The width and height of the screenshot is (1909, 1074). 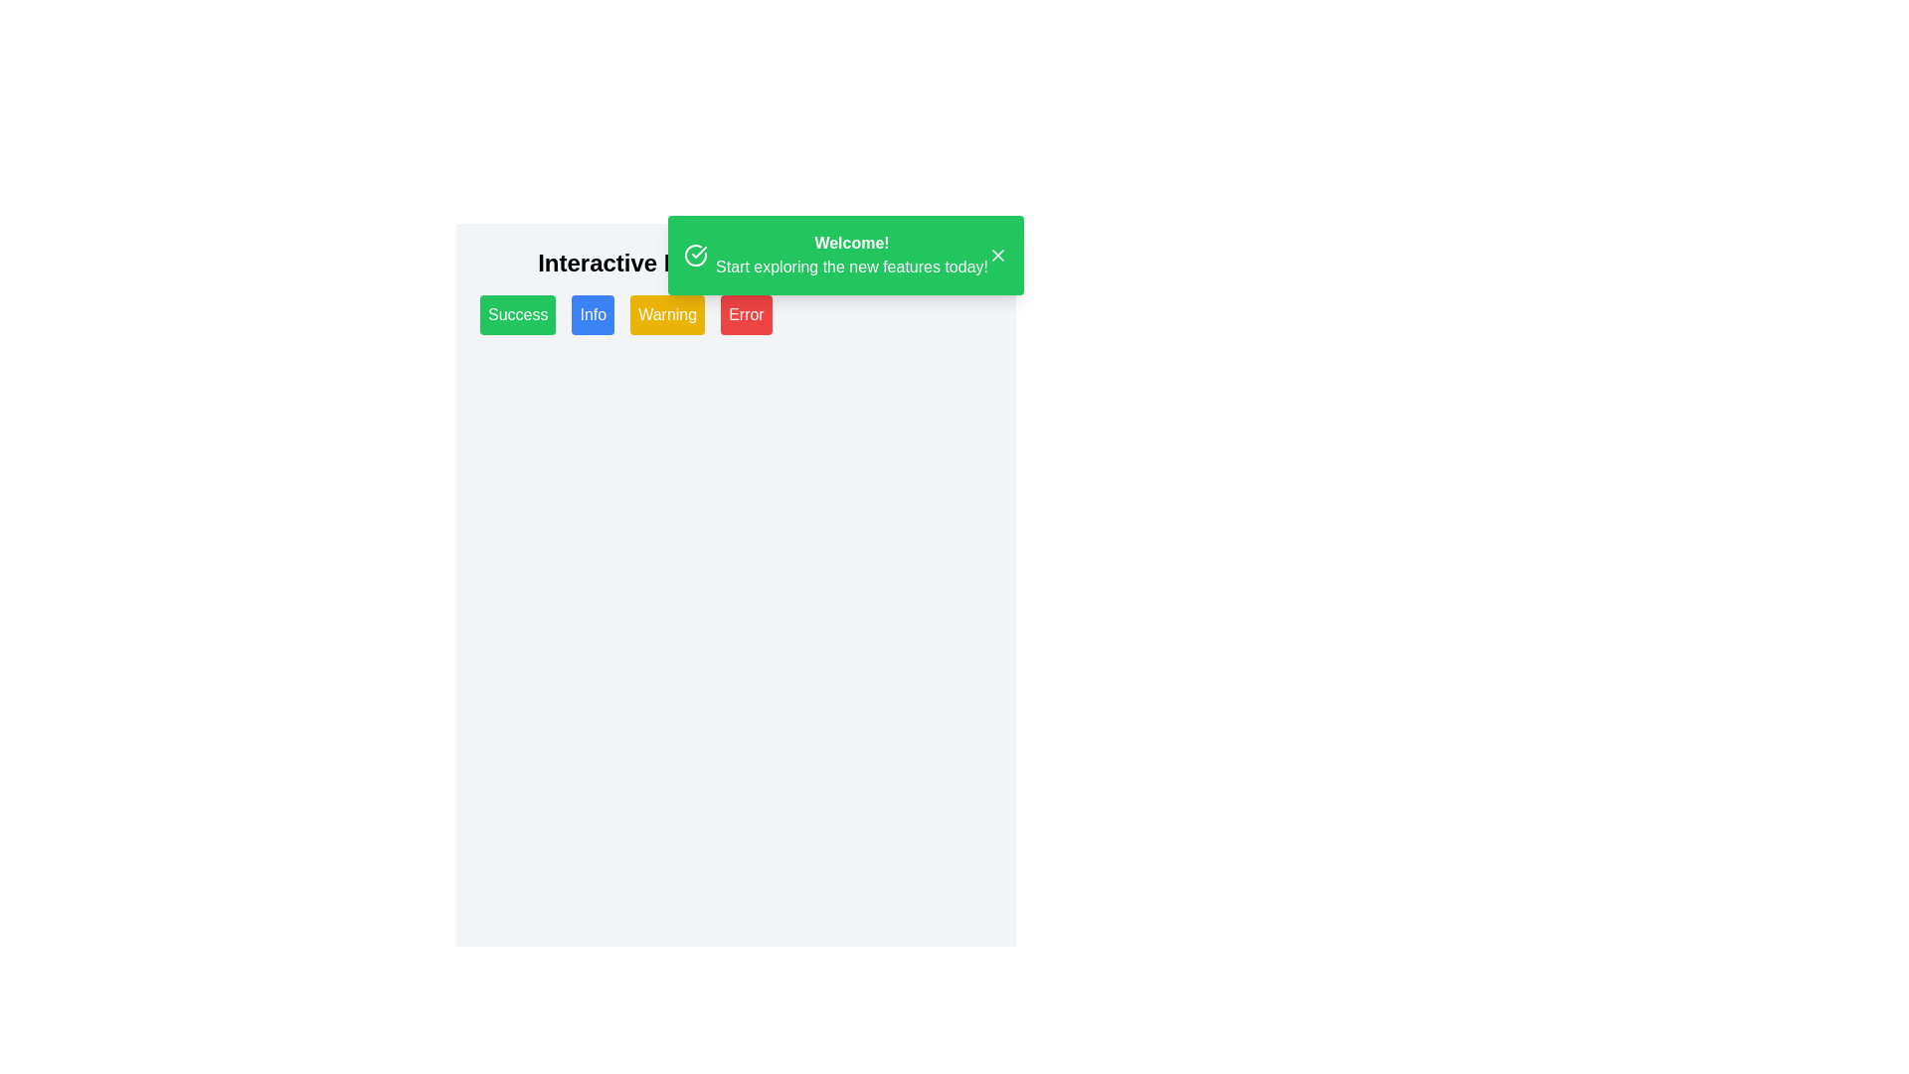 What do you see at coordinates (699, 252) in the screenshot?
I see `the green checkmark icon located in the top-right corner of the notification bar labeled 'Welcome! Start exploring the new features today!'` at bounding box center [699, 252].